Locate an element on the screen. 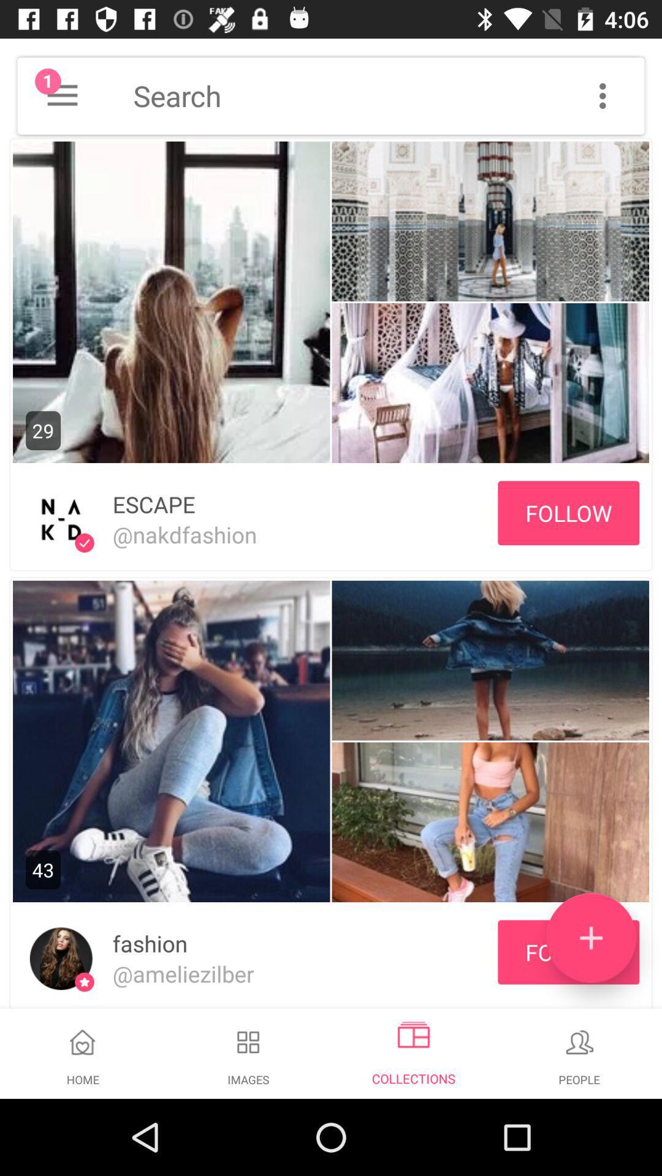 Image resolution: width=662 pixels, height=1176 pixels. navigation bar showing home images collections and people is located at coordinates (331, 1060).